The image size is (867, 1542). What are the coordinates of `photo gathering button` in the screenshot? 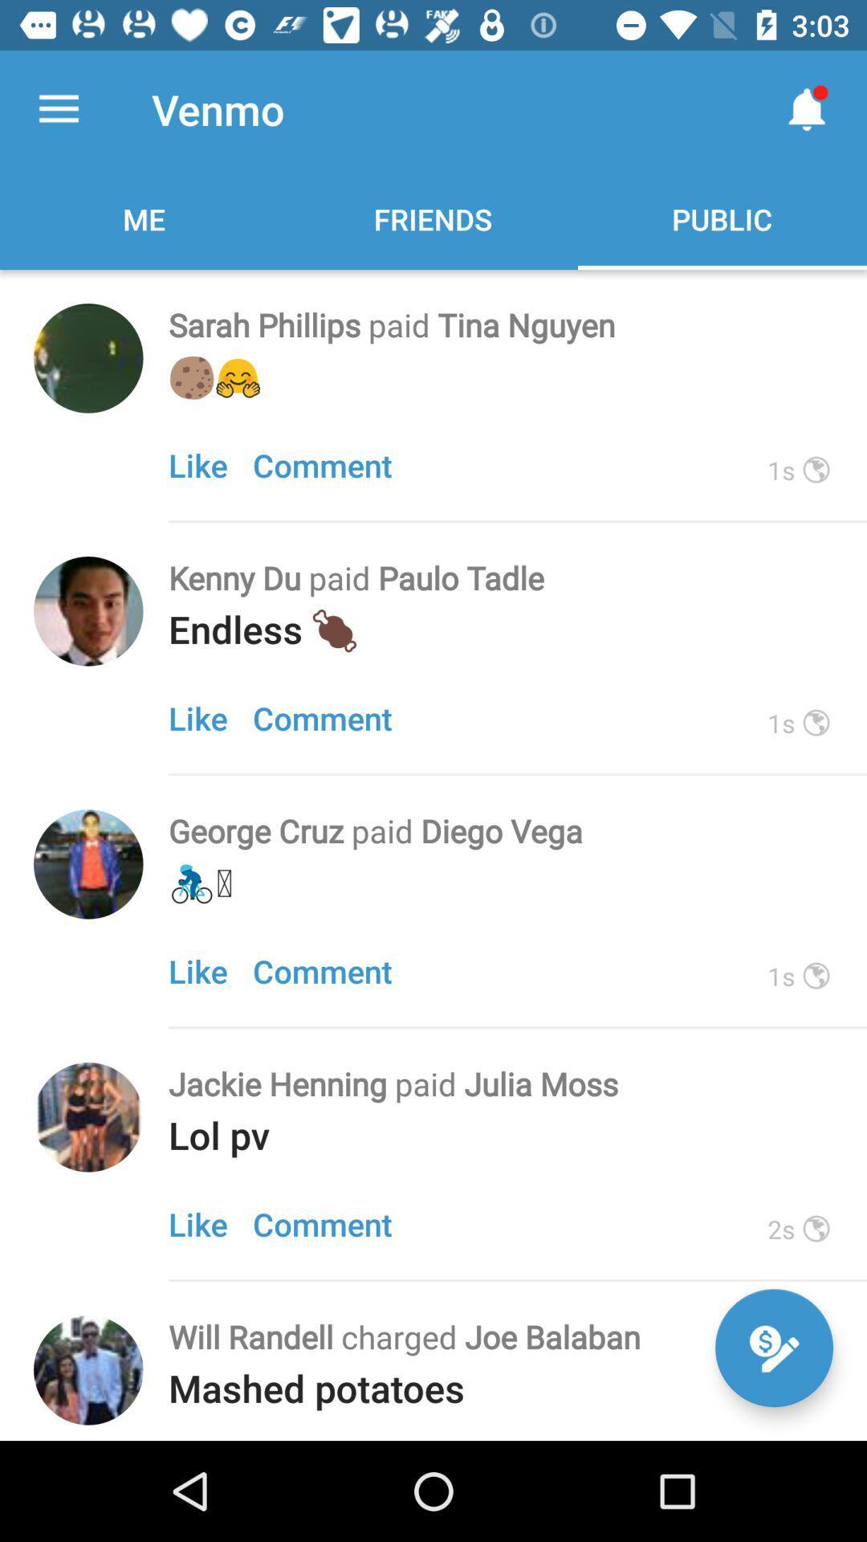 It's located at (88, 863).